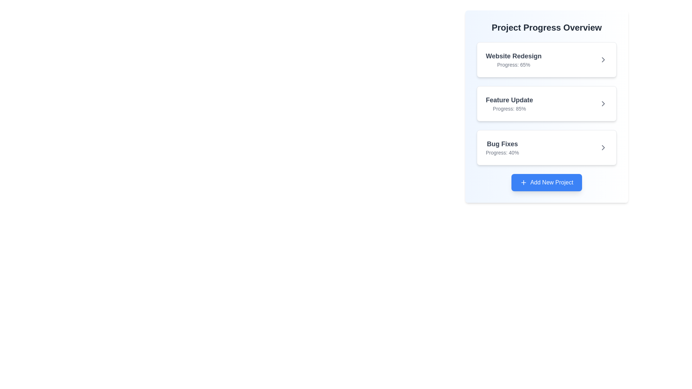 The width and height of the screenshot is (692, 389). I want to click on the informational card titled 'Feature Update' that displays a progress indicator of 'Progress: 85%', located in the 'Project Progress Overview' section, positioned between the 'Website Redesign' and 'Bug Fixes' cards, so click(546, 104).